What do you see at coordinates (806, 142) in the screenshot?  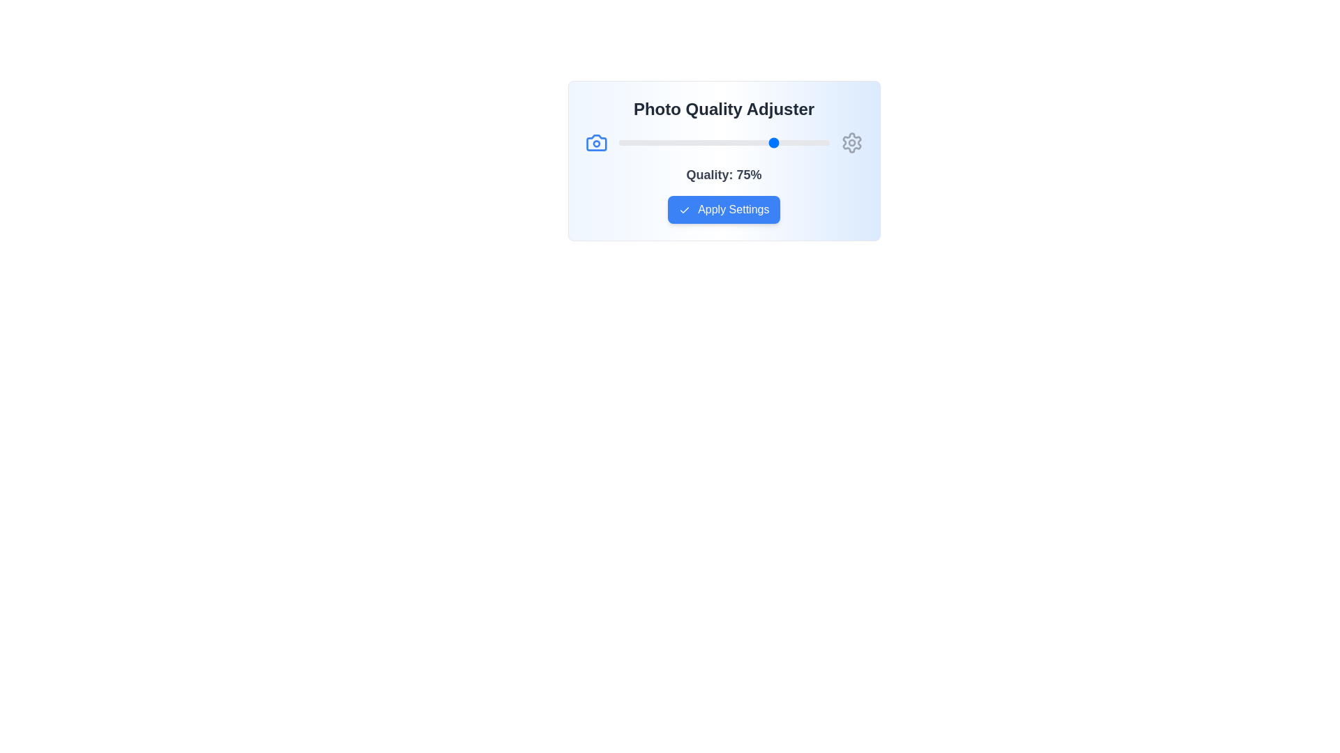 I see `the photo quality slider to 89%` at bounding box center [806, 142].